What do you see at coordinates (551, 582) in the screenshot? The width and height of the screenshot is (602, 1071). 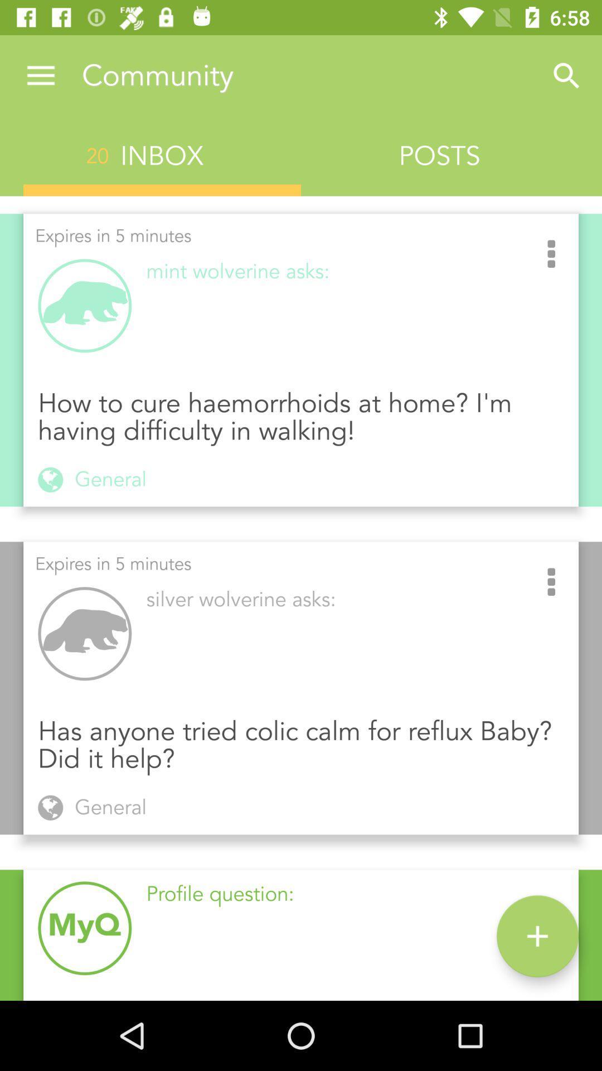 I see `the item above the has anyone tried icon` at bounding box center [551, 582].